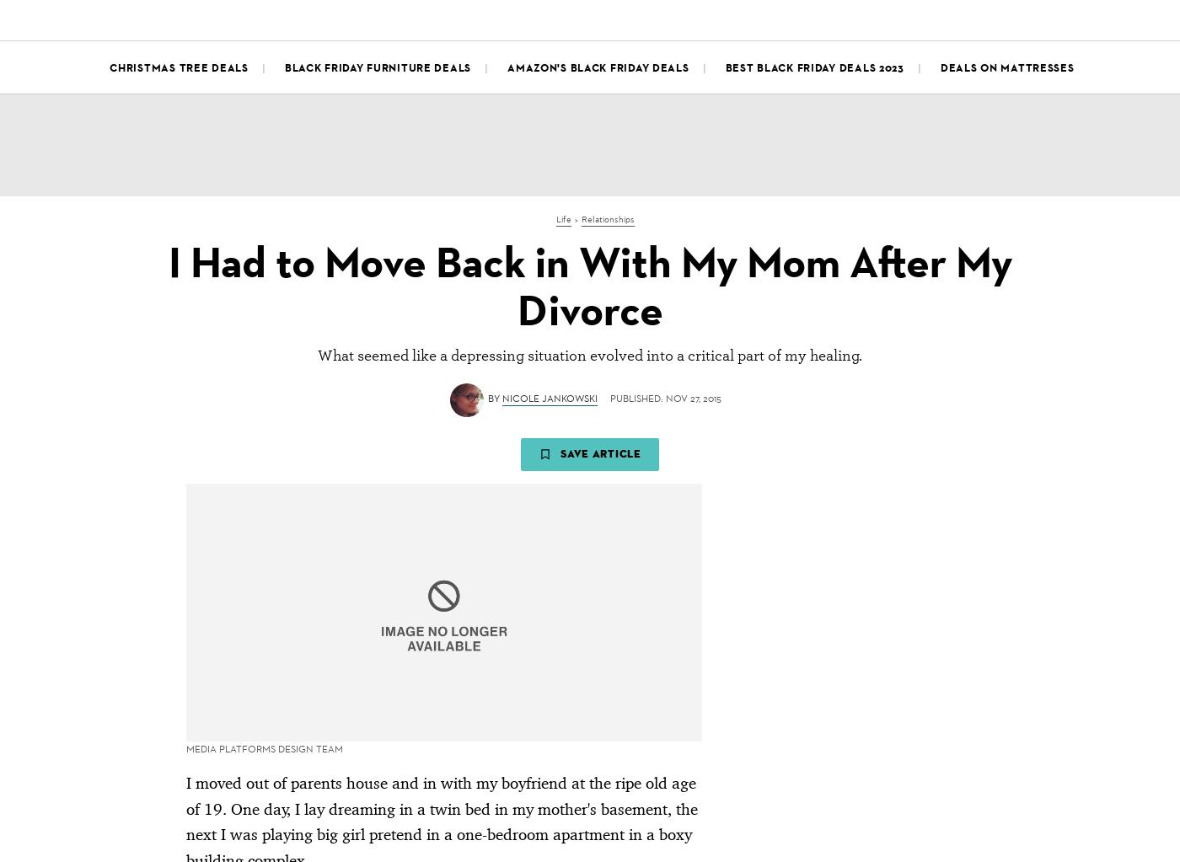 The width and height of the screenshot is (1180, 862). What do you see at coordinates (590, 609) in the screenshot?
I see `'Advertisement - Continue Reading Below'` at bounding box center [590, 609].